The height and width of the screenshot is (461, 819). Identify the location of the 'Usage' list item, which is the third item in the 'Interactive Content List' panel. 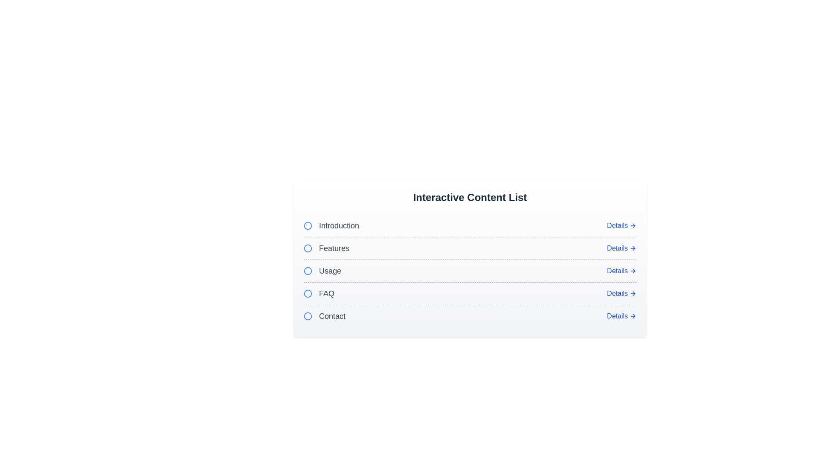
(470, 271).